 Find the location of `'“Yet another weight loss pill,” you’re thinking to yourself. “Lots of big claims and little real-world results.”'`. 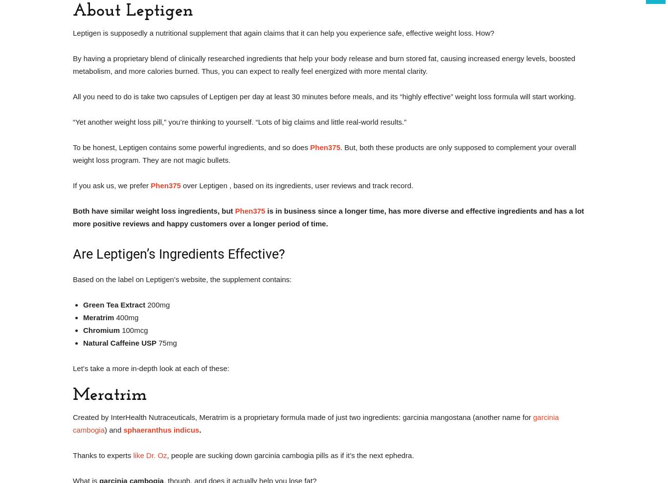

'“Yet another weight loss pill,” you’re thinking to yourself. “Lots of big claims and little real-world results.”' is located at coordinates (239, 121).